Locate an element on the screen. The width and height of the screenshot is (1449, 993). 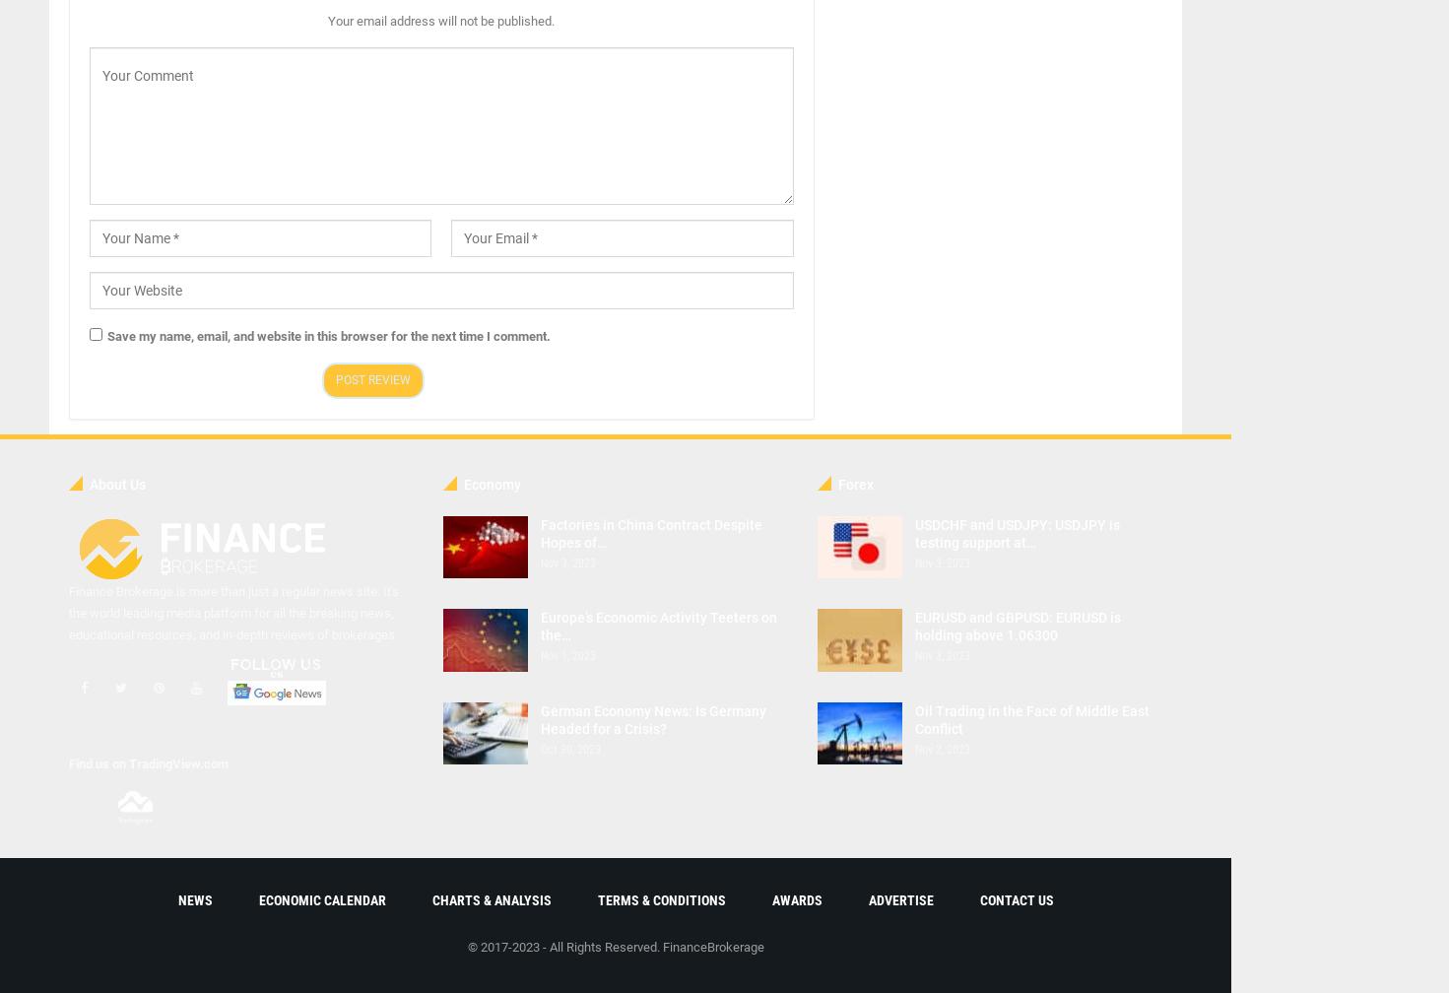
'Contact us' is located at coordinates (977, 899).